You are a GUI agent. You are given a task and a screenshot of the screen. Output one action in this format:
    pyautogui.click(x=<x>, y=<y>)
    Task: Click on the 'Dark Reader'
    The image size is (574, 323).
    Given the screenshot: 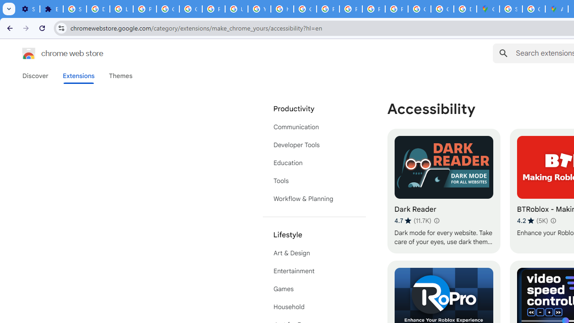 What is the action you would take?
    pyautogui.click(x=444, y=191)
    